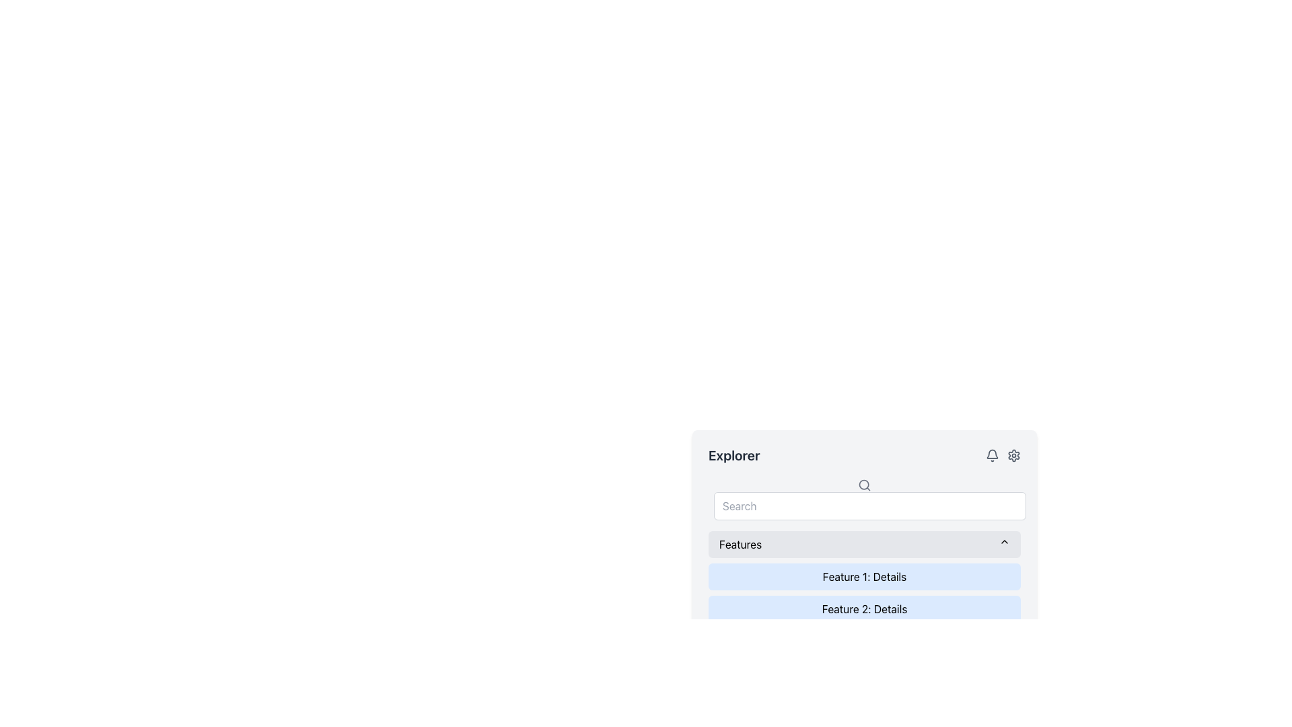 The height and width of the screenshot is (727, 1292). Describe the element at coordinates (864, 483) in the screenshot. I see `the circular icon with a gray outline, part of the search icon representation located in the header section, positioned left of the 'Search' text input` at that location.